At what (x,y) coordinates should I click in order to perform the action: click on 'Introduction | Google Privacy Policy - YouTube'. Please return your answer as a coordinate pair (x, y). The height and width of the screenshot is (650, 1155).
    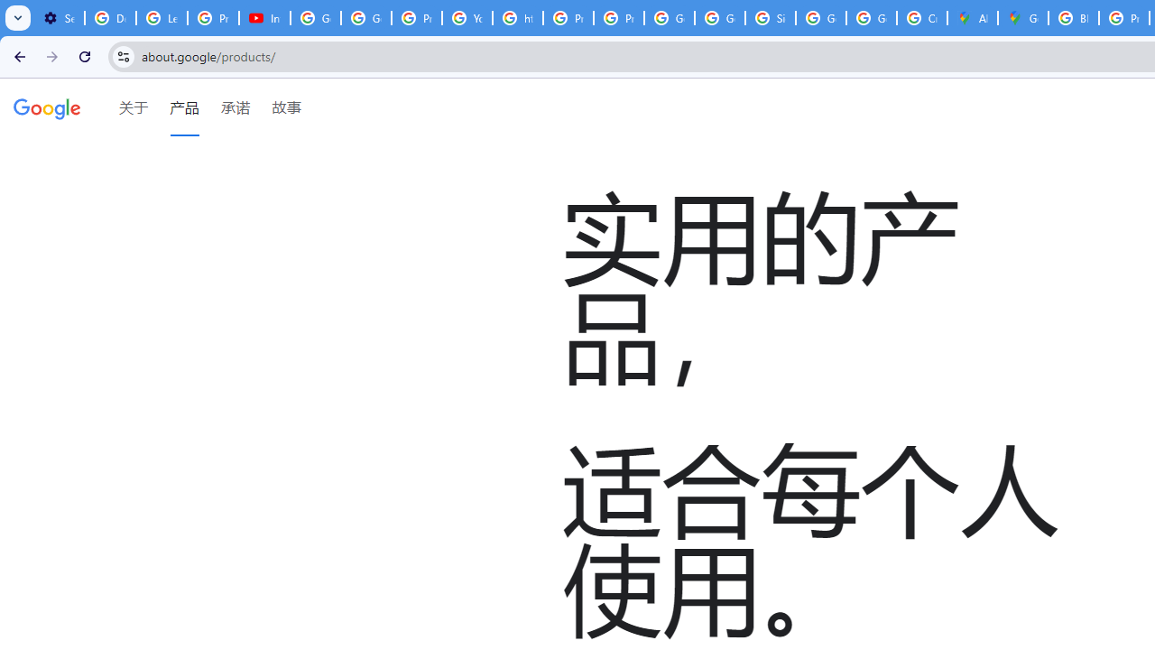
    Looking at the image, I should click on (263, 18).